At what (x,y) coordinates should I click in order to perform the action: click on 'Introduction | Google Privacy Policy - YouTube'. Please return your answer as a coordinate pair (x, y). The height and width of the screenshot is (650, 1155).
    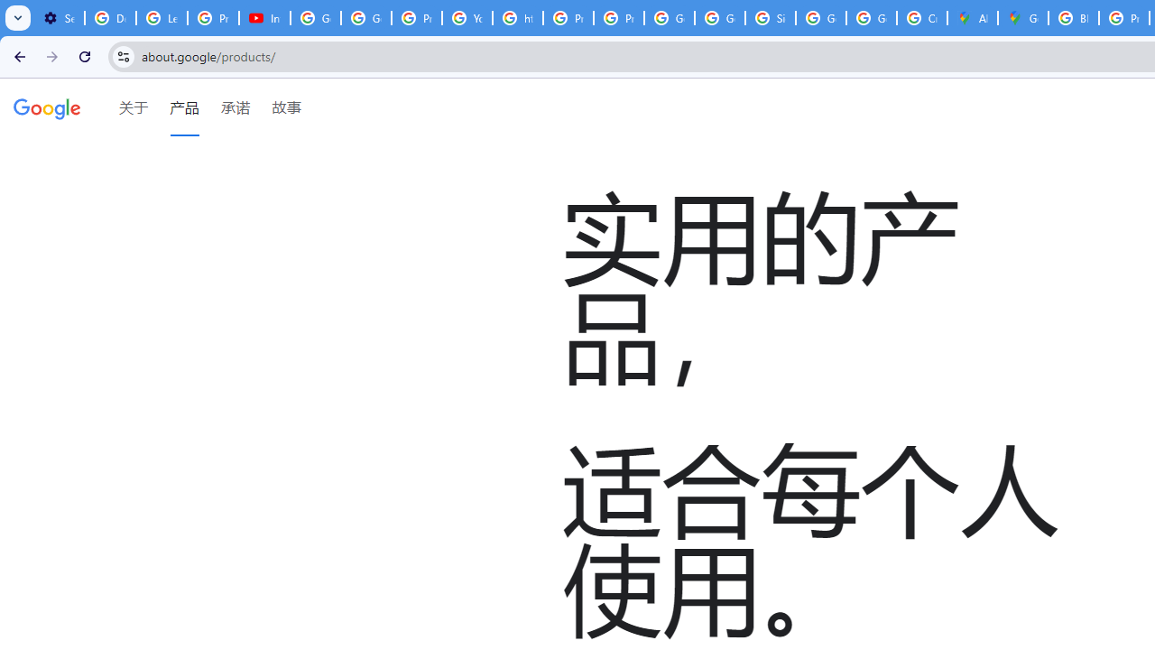
    Looking at the image, I should click on (263, 18).